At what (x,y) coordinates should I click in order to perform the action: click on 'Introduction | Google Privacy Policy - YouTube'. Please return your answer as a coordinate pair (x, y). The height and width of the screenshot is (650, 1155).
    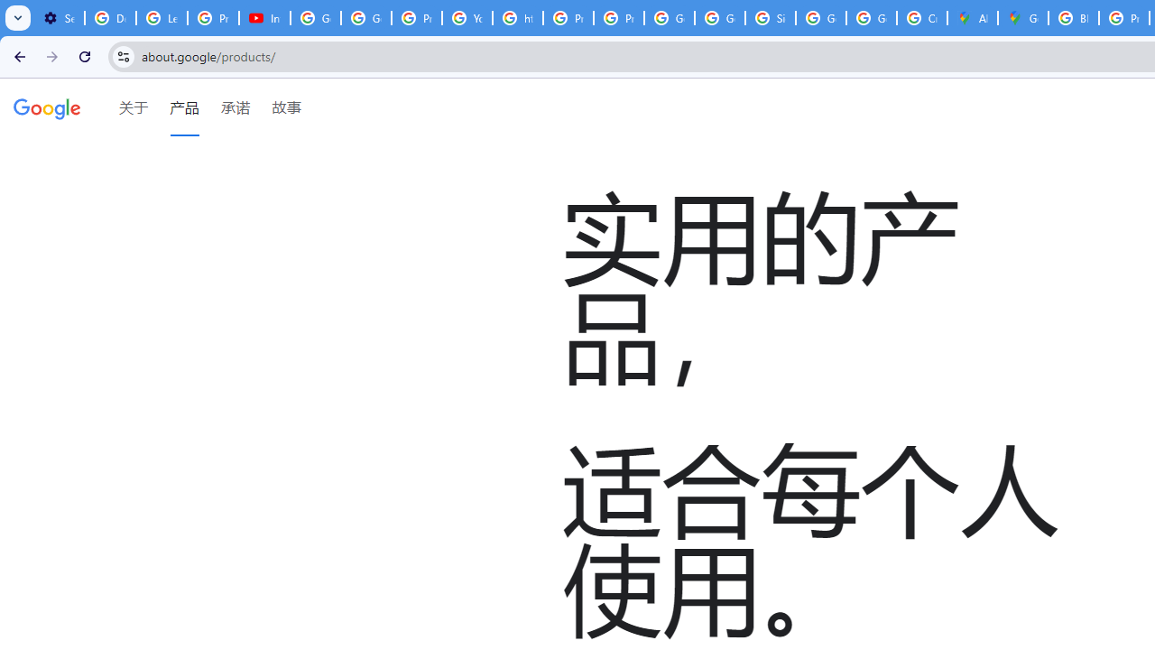
    Looking at the image, I should click on (263, 18).